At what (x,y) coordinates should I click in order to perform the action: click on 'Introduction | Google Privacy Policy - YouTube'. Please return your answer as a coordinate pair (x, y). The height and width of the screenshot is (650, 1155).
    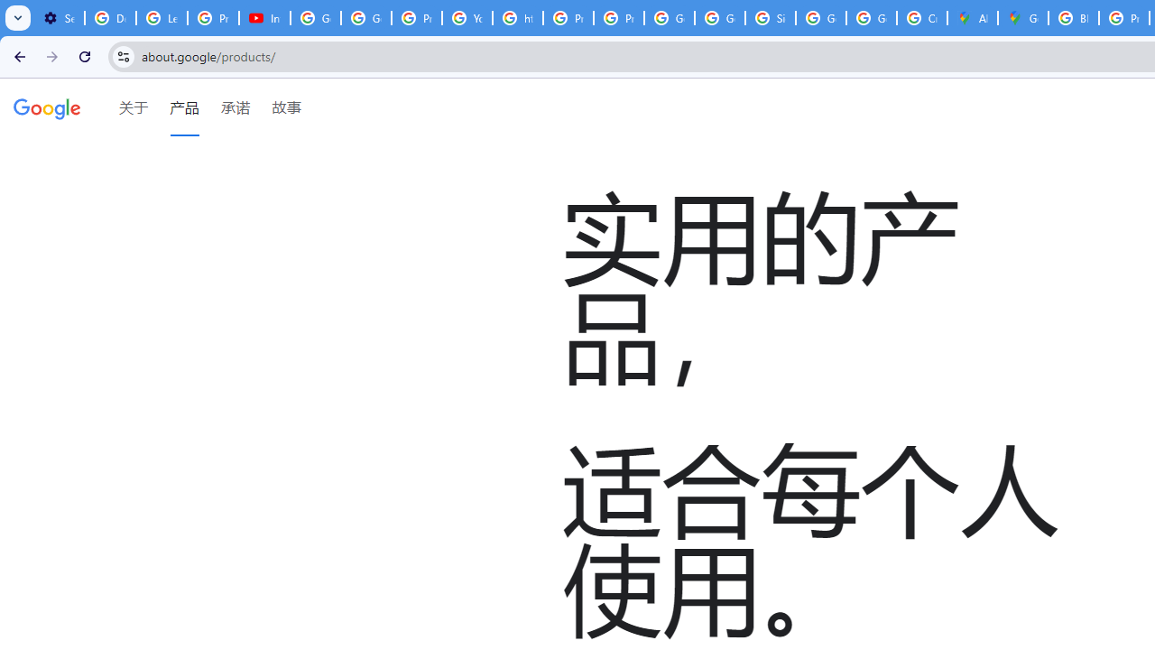
    Looking at the image, I should click on (263, 18).